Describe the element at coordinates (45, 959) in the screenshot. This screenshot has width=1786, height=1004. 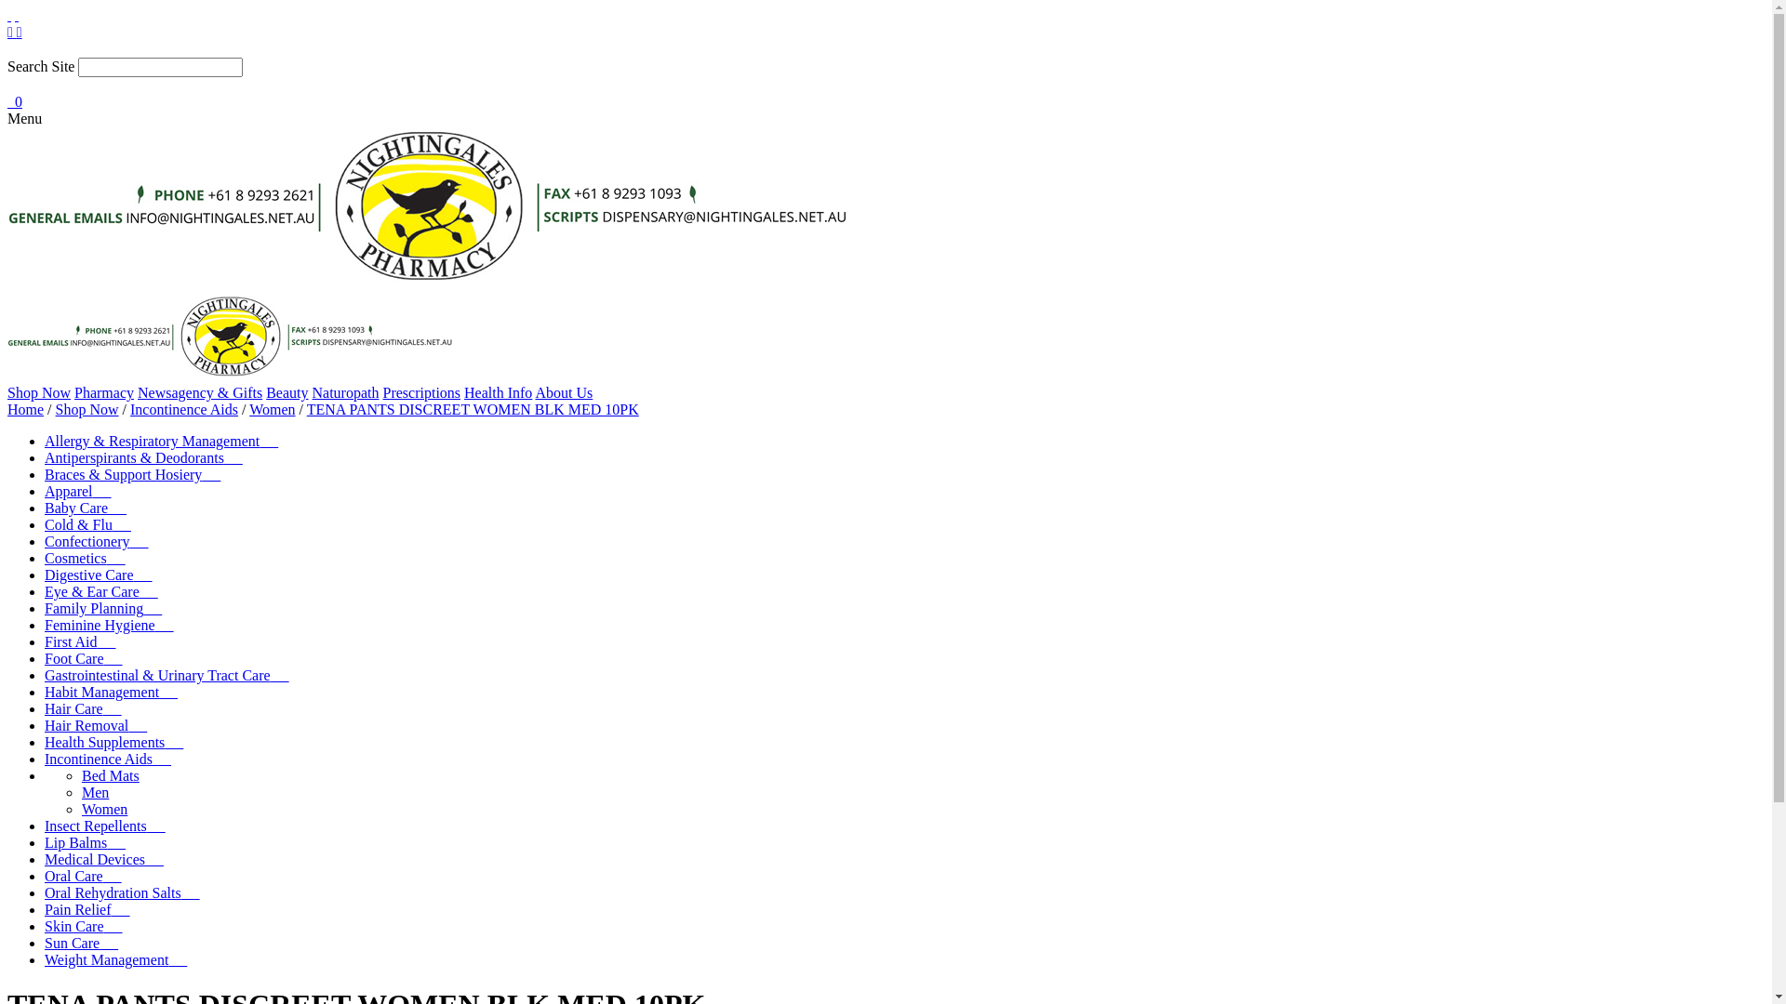
I see `'Weight Management     '` at that location.